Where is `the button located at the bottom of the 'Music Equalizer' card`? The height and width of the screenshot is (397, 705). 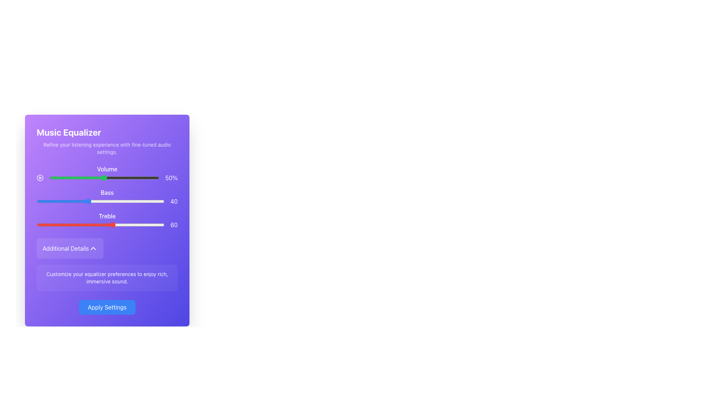 the button located at the bottom of the 'Music Equalizer' card is located at coordinates (107, 307).